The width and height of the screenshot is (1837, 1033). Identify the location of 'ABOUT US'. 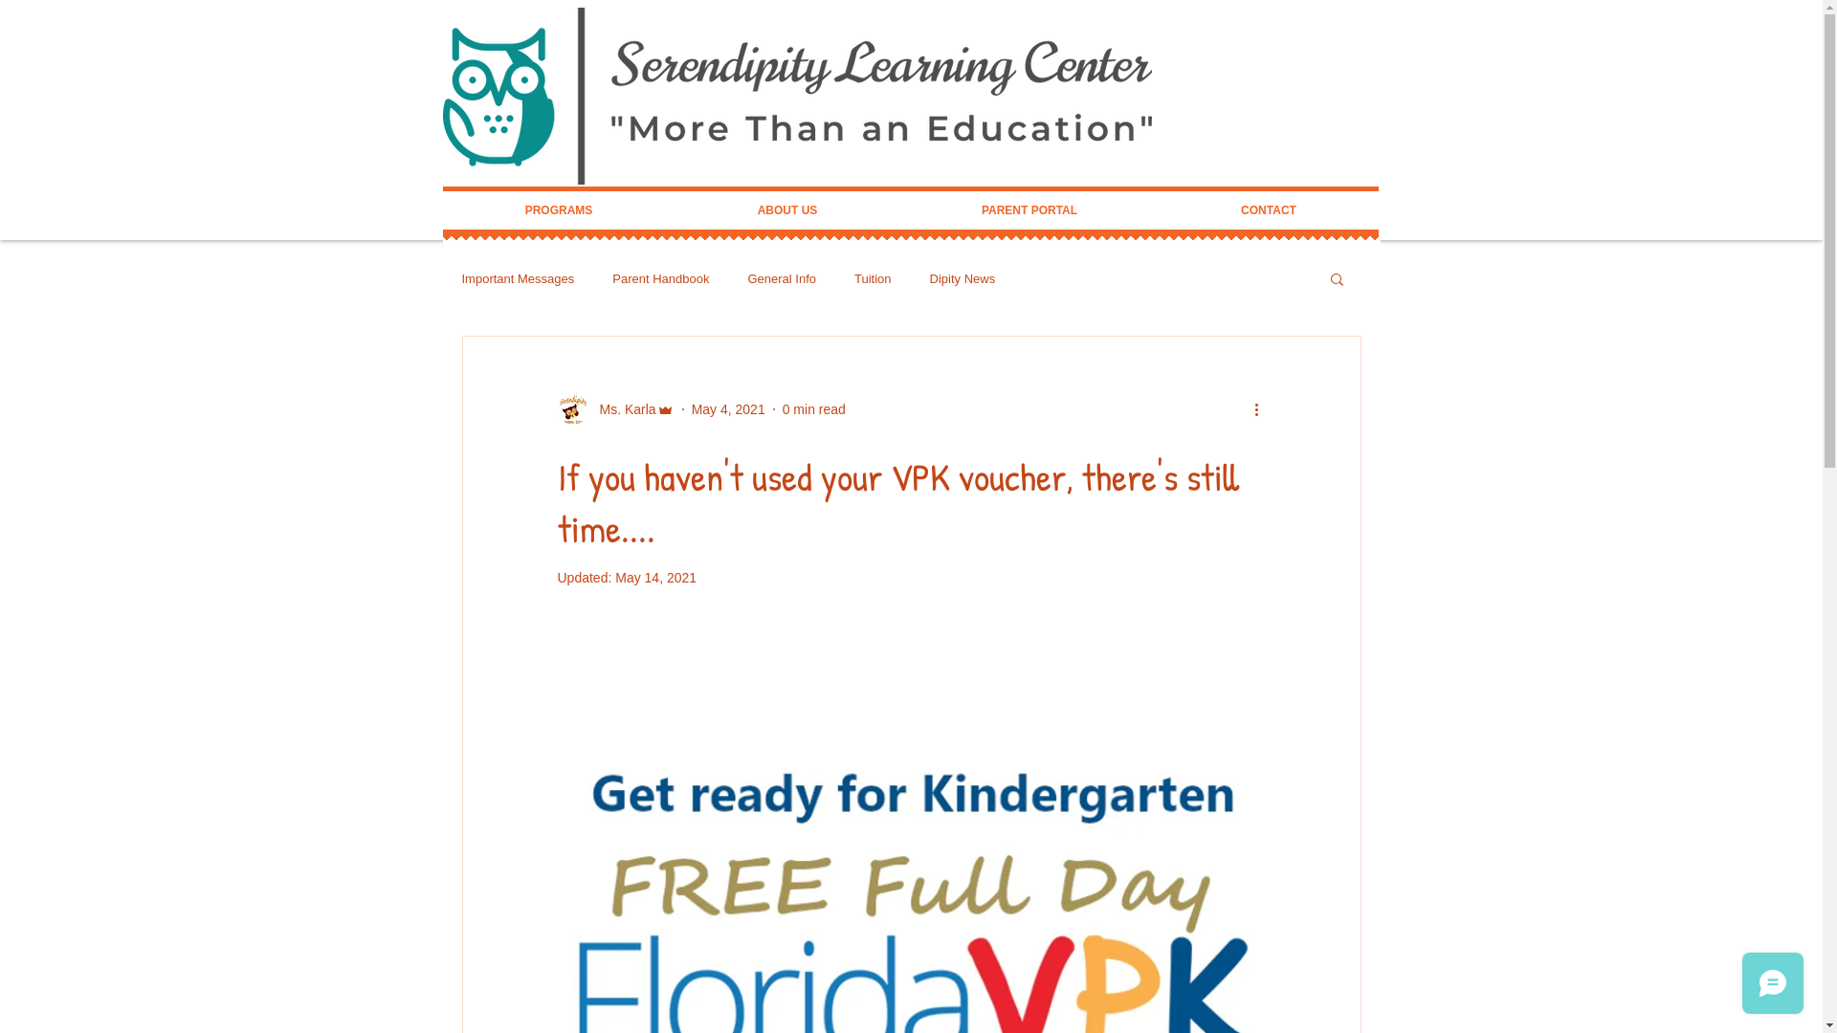
(787, 209).